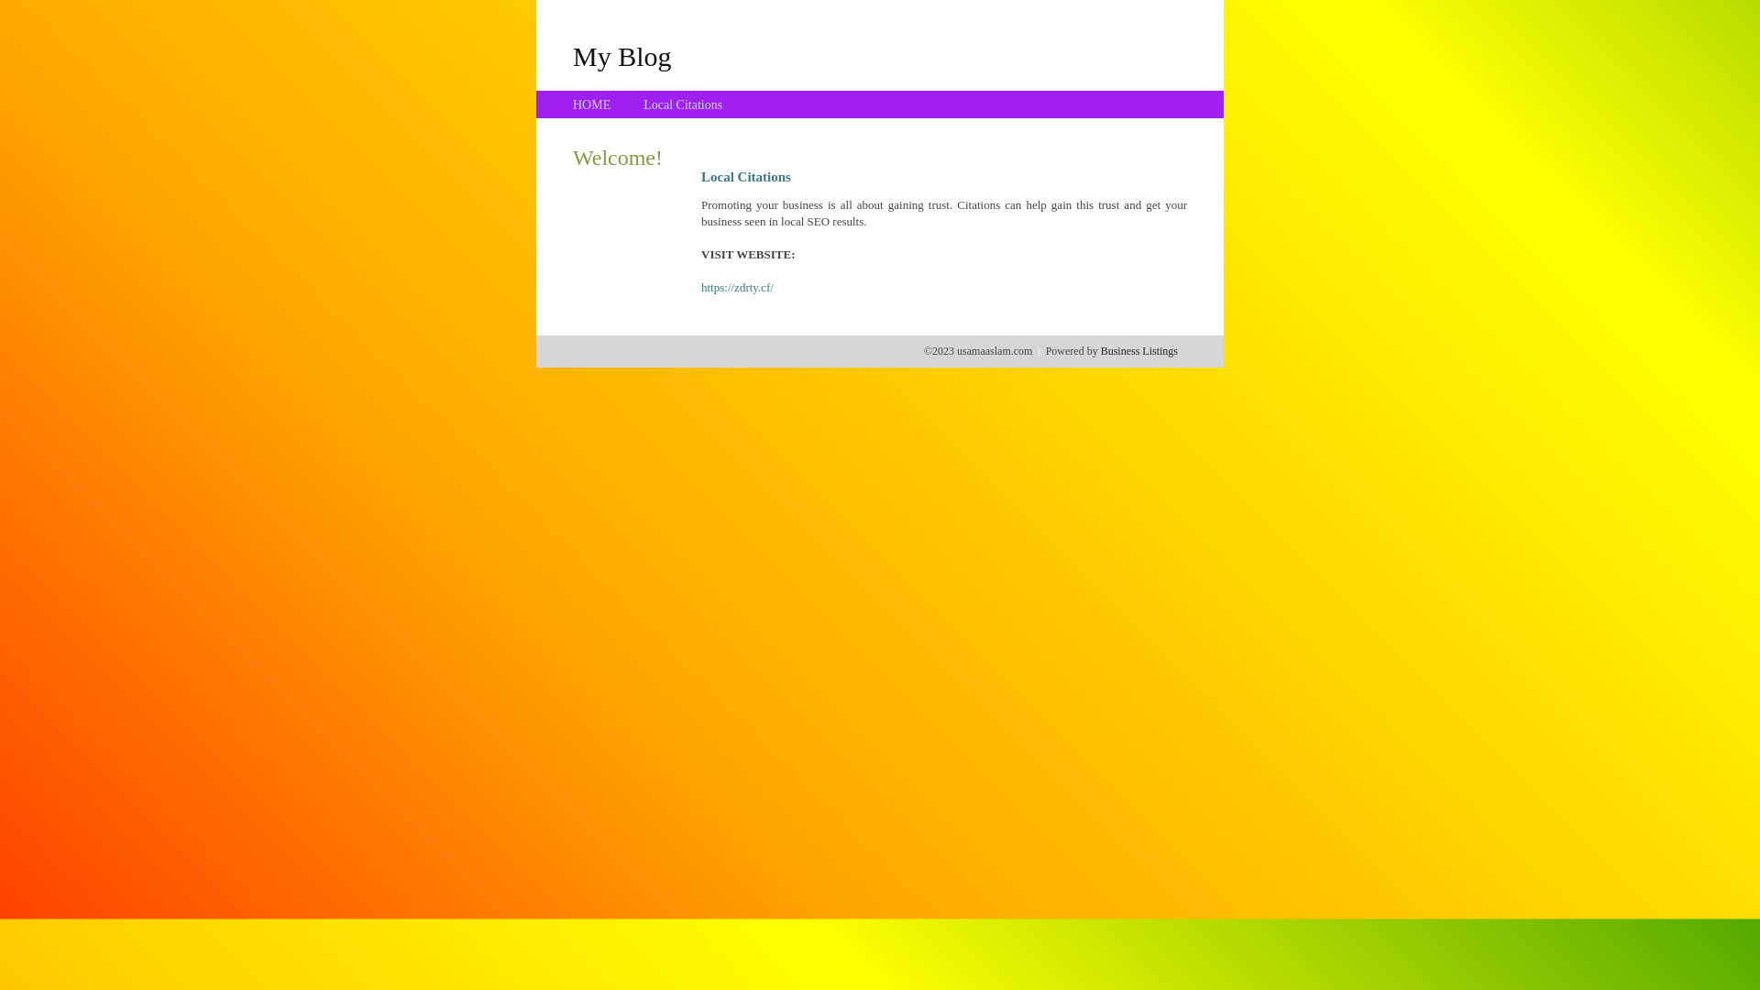 The image size is (1760, 990). Describe the element at coordinates (737, 287) in the screenshot. I see `'https://zdrty.cf/'` at that location.